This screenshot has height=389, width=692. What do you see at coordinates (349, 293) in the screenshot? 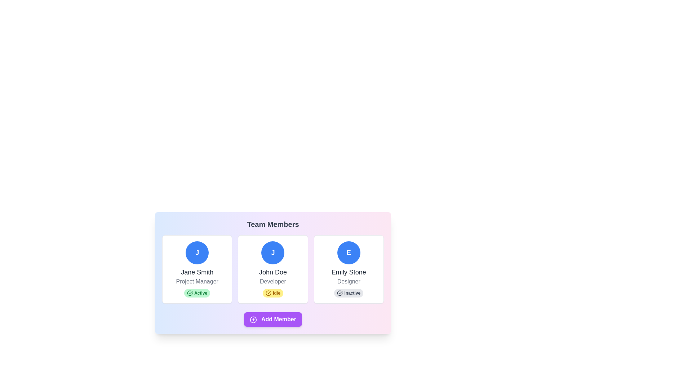
I see `the 'Inactive' status badge with a checkmark icon located within Emily Stone's team member card, positioned below the 'Designer' label` at bounding box center [349, 293].